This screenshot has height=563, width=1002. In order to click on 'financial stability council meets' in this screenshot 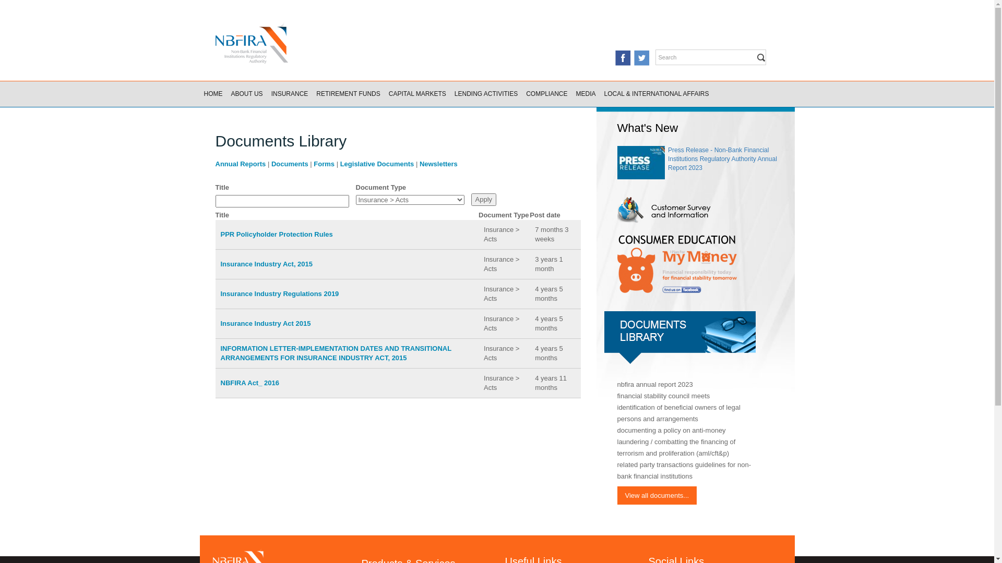, I will do `click(663, 396)`.